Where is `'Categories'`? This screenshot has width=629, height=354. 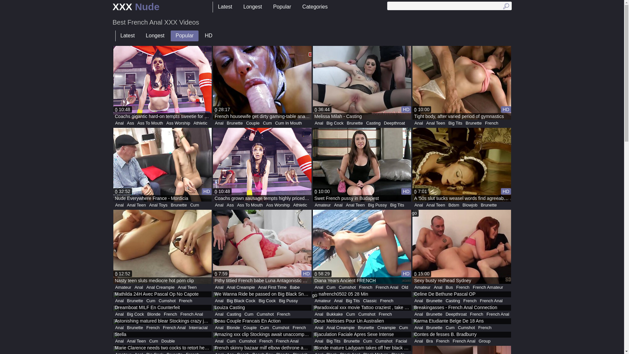 'Categories' is located at coordinates (315, 7).